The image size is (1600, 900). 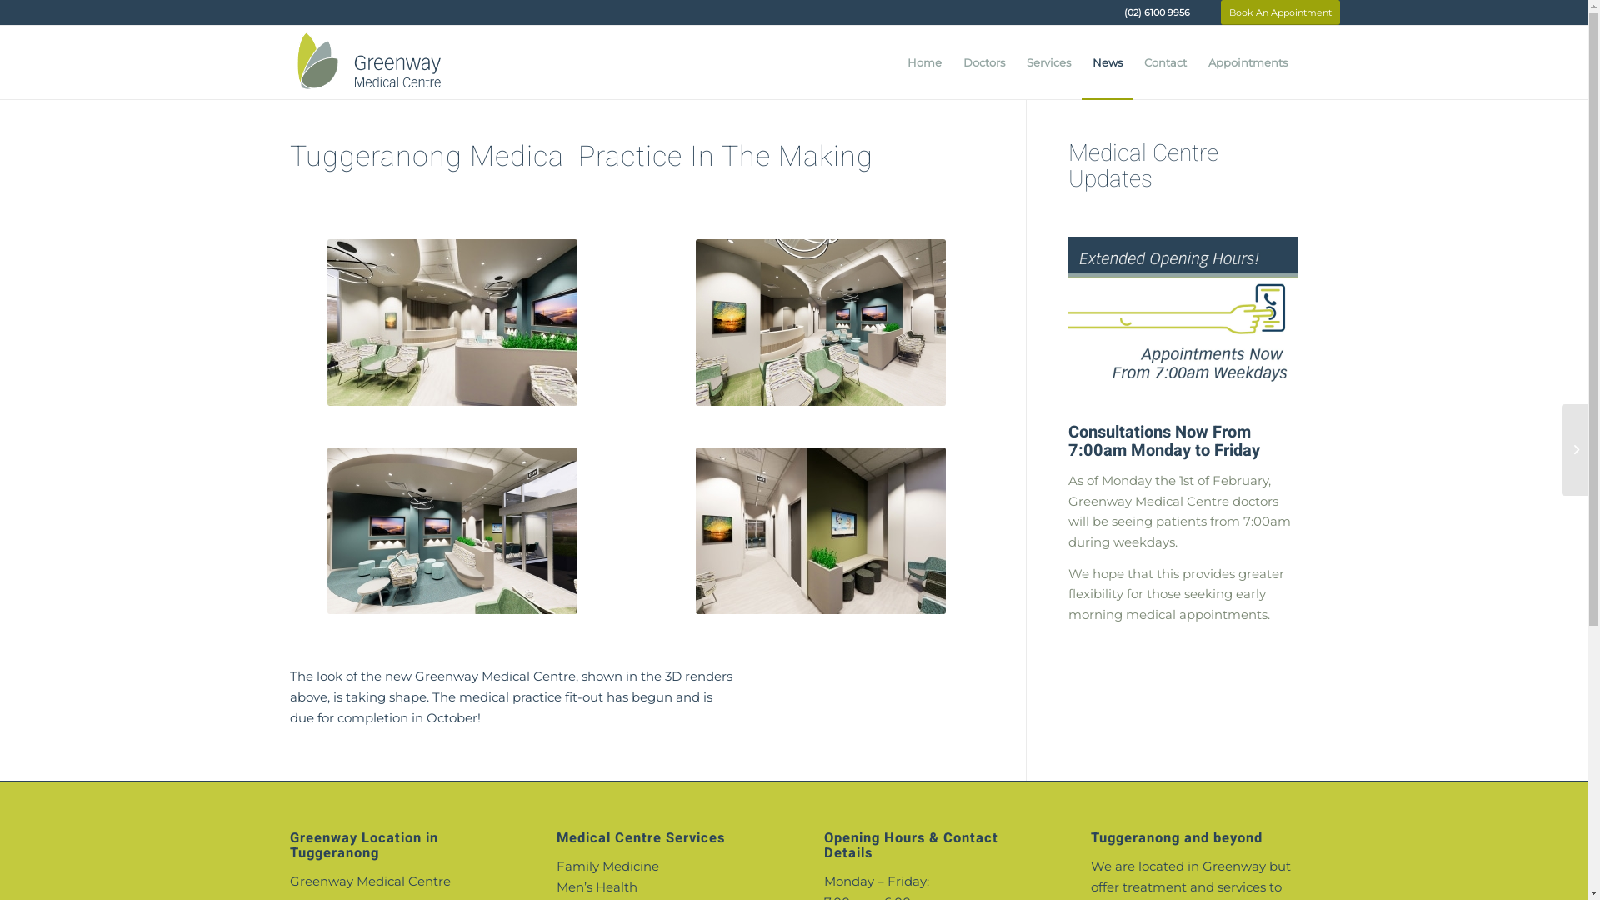 What do you see at coordinates (923, 61) in the screenshot?
I see `'Home'` at bounding box center [923, 61].